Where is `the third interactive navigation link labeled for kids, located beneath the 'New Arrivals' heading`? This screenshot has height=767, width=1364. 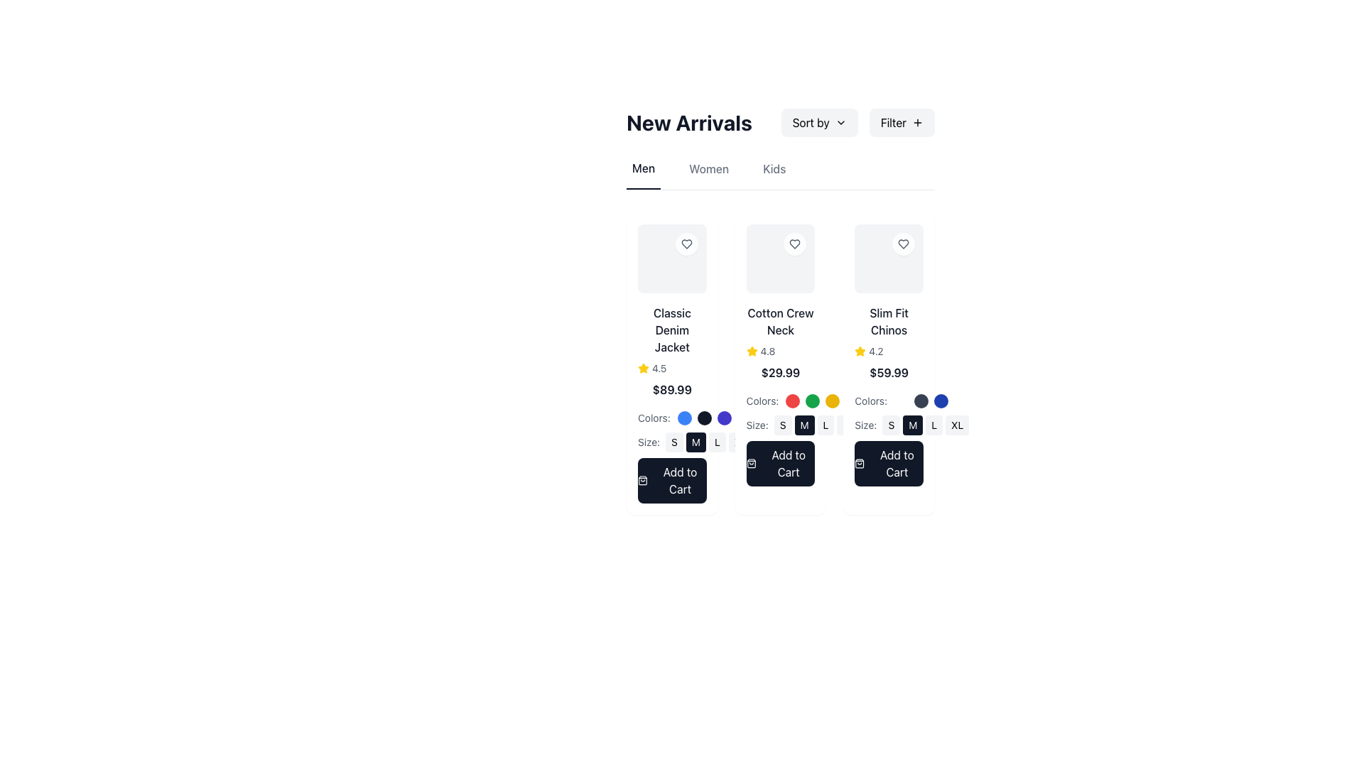
the third interactive navigation link labeled for kids, located beneath the 'New Arrivals' heading is located at coordinates (774, 174).